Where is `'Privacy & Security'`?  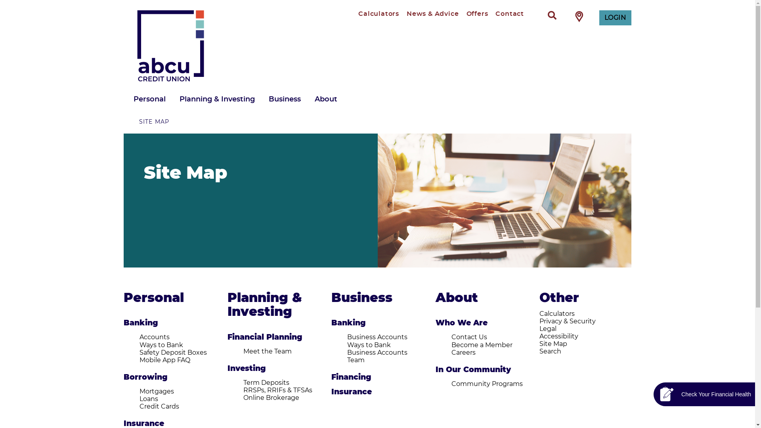 'Privacy & Security' is located at coordinates (567, 321).